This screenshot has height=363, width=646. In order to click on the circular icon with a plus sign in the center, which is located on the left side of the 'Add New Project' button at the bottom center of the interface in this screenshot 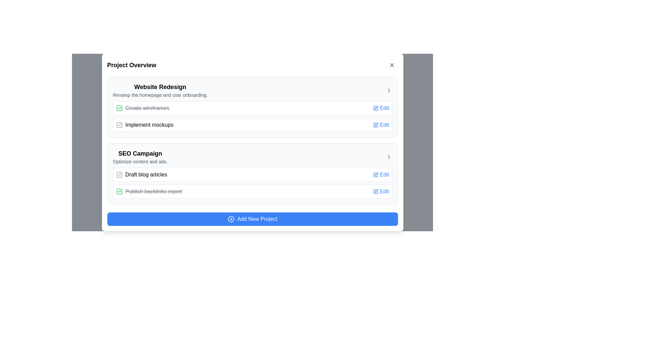, I will do `click(231, 219)`.